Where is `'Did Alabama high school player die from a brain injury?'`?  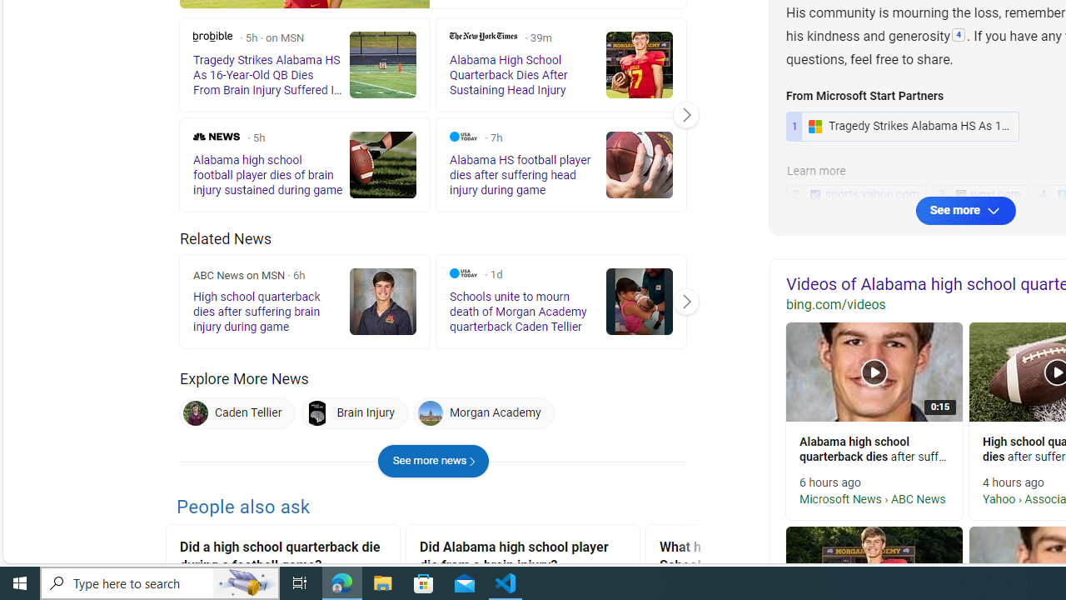 'Did Alabama high school player die from a brain injury?' is located at coordinates (522, 558).